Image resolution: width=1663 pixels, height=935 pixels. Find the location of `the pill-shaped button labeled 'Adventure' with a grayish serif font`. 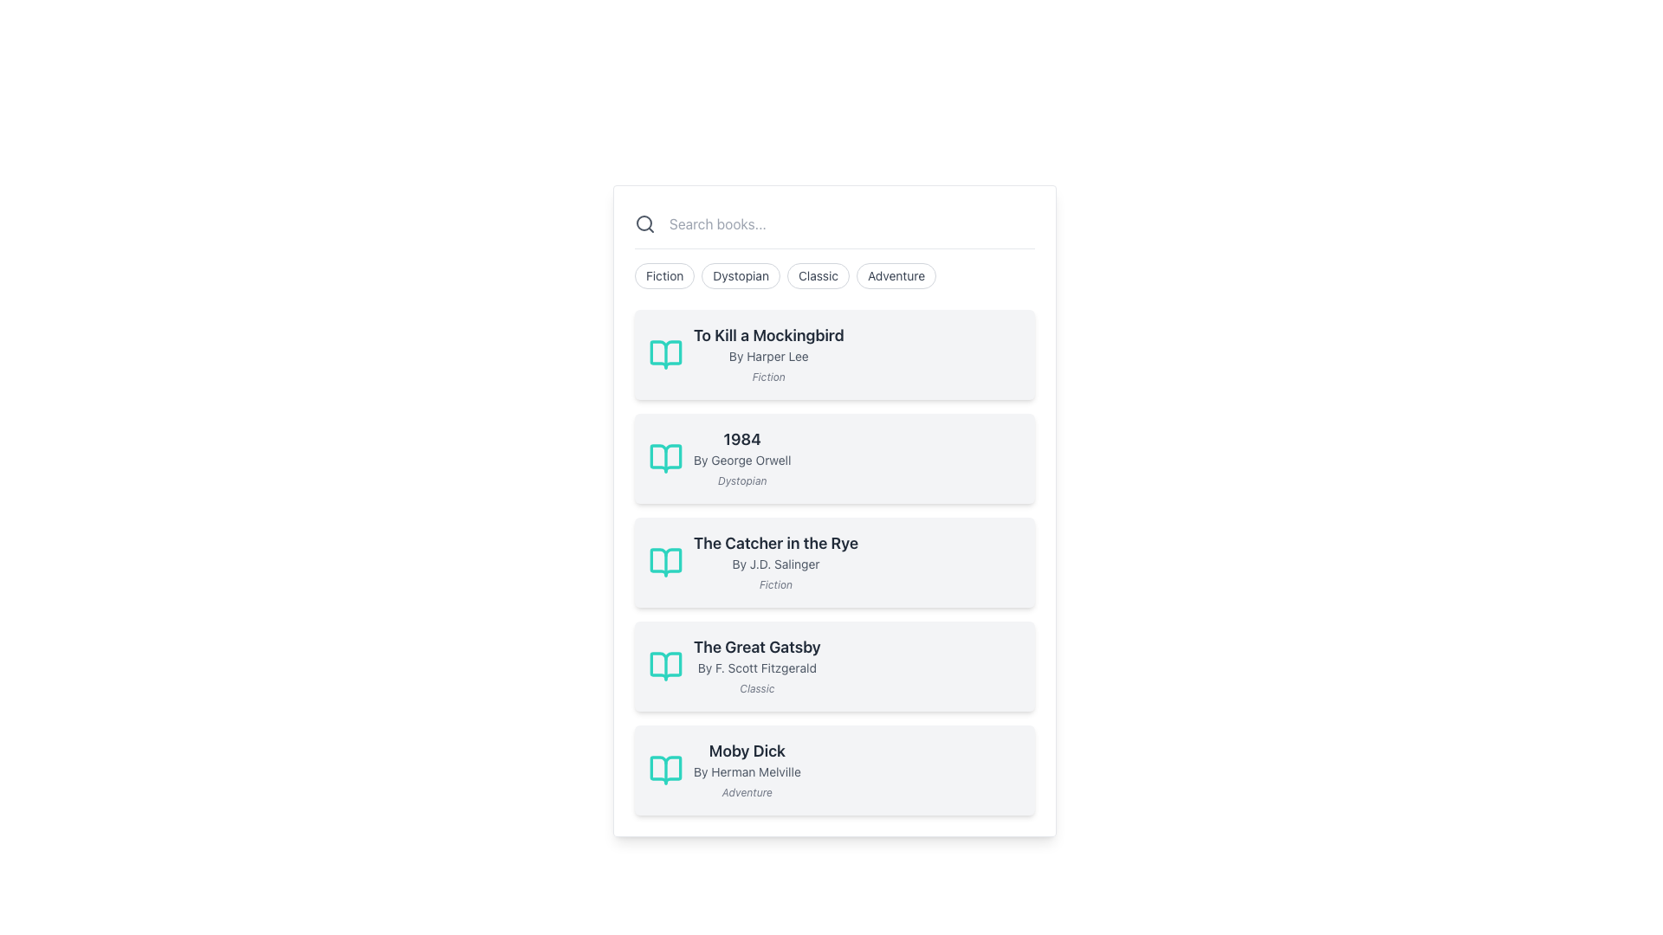

the pill-shaped button labeled 'Adventure' with a grayish serif font is located at coordinates (896, 275).